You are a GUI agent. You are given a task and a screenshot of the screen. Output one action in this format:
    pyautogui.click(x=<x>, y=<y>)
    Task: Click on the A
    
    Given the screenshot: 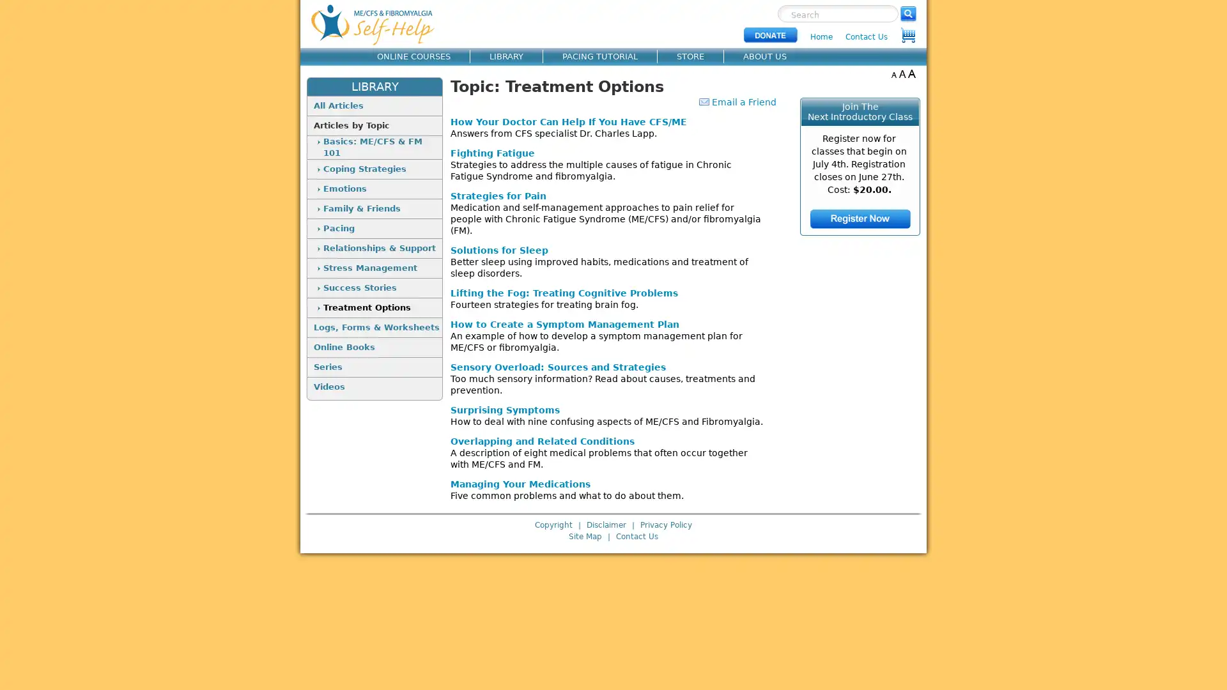 What is the action you would take?
    pyautogui.click(x=902, y=73)
    